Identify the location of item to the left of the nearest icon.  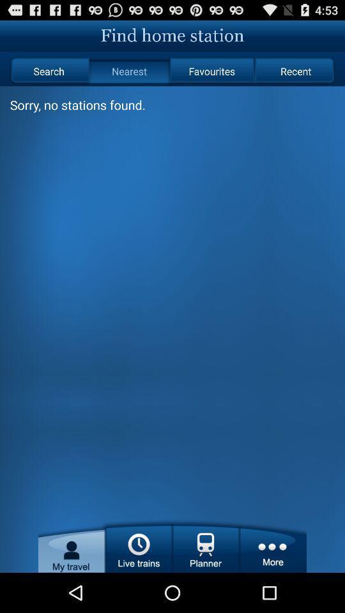
(48, 71).